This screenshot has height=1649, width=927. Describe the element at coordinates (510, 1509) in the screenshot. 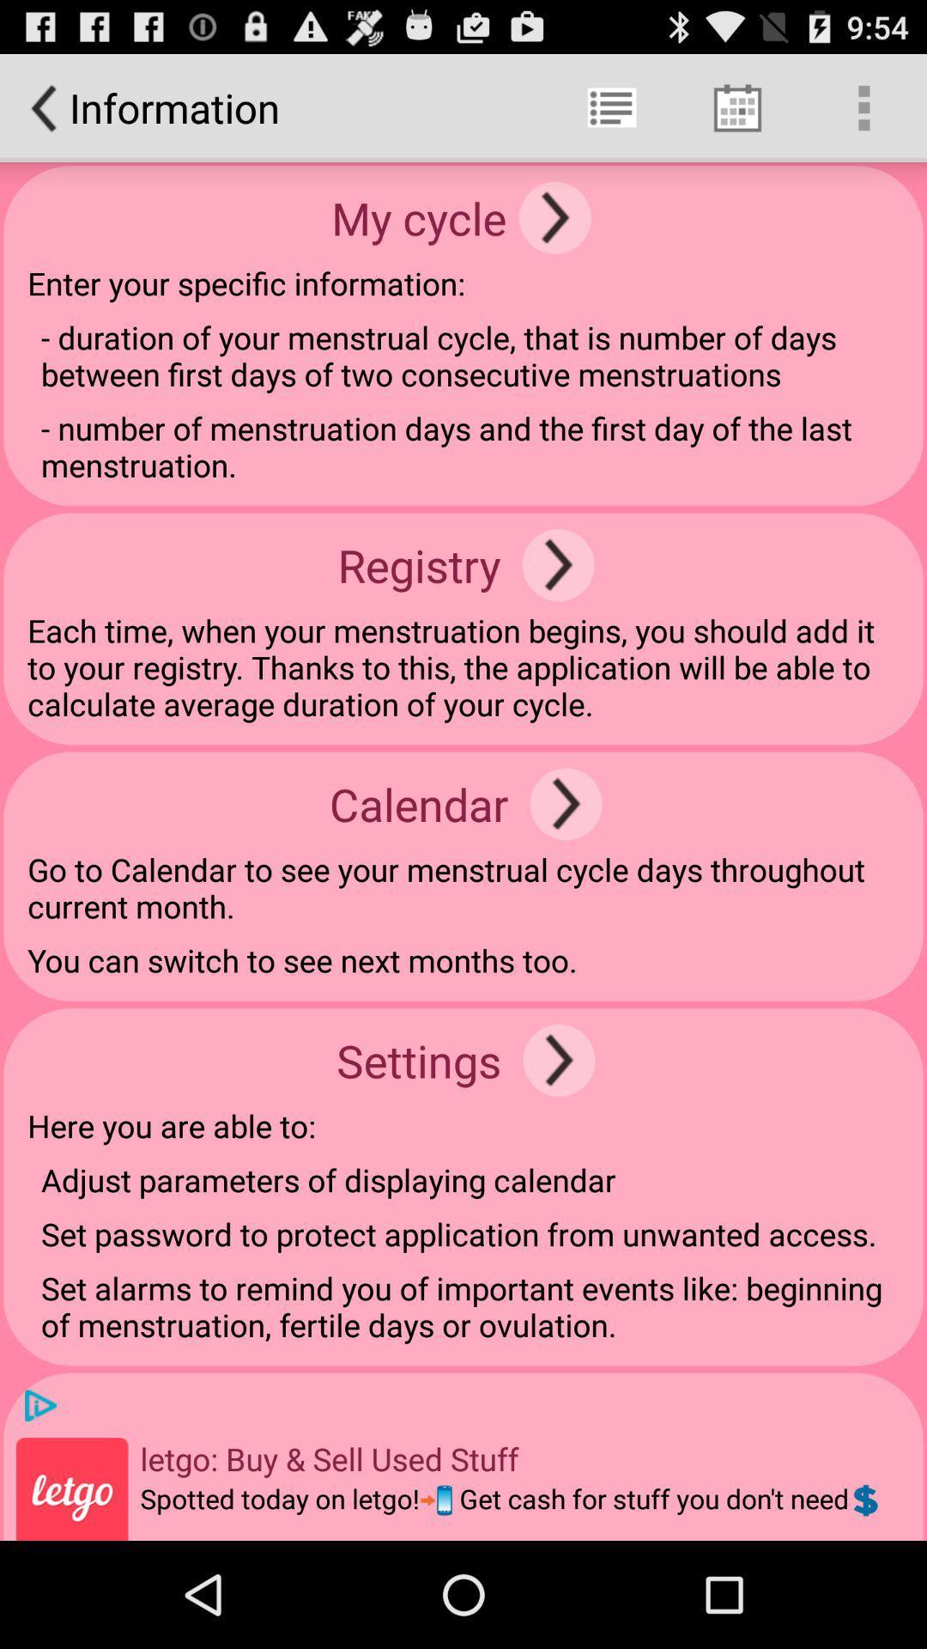

I see `the item below letgo buy sell icon` at that location.